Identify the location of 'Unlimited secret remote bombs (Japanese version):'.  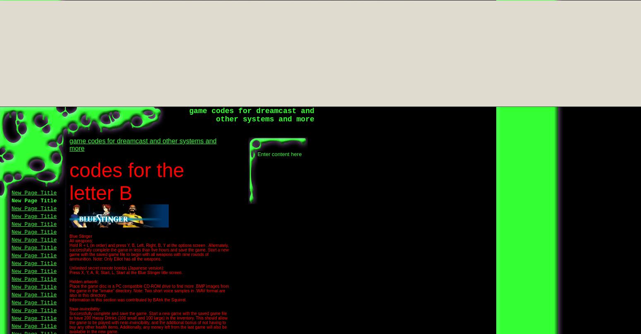
(69, 268).